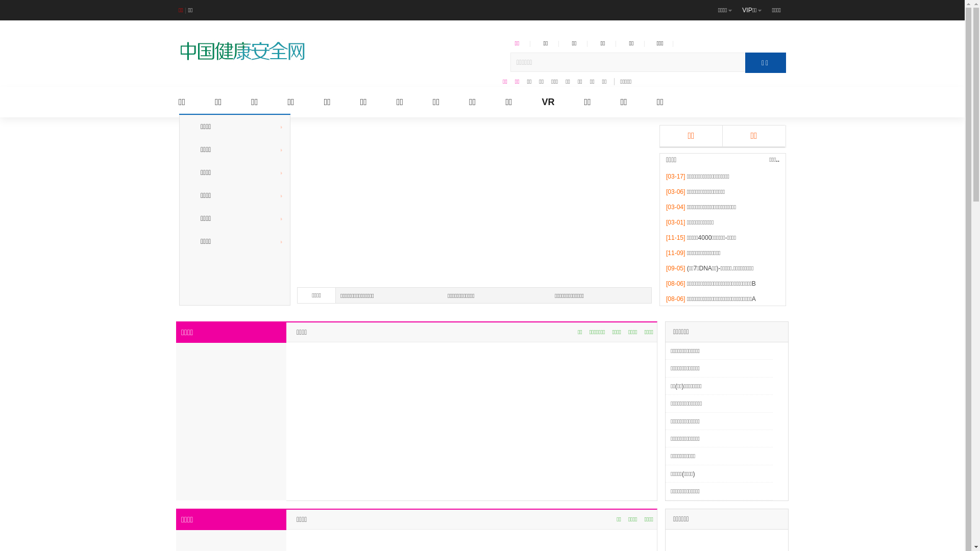 This screenshot has height=551, width=980. Describe the element at coordinates (675, 238) in the screenshot. I see `'[11-15]'` at that location.